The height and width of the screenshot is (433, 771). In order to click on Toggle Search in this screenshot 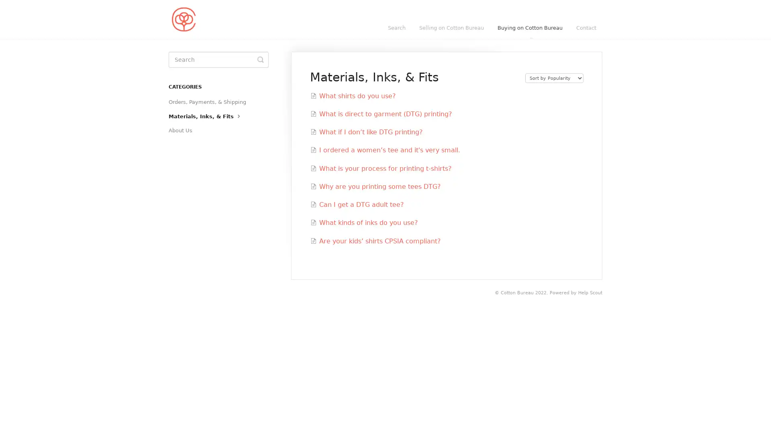, I will do `click(260, 59)`.